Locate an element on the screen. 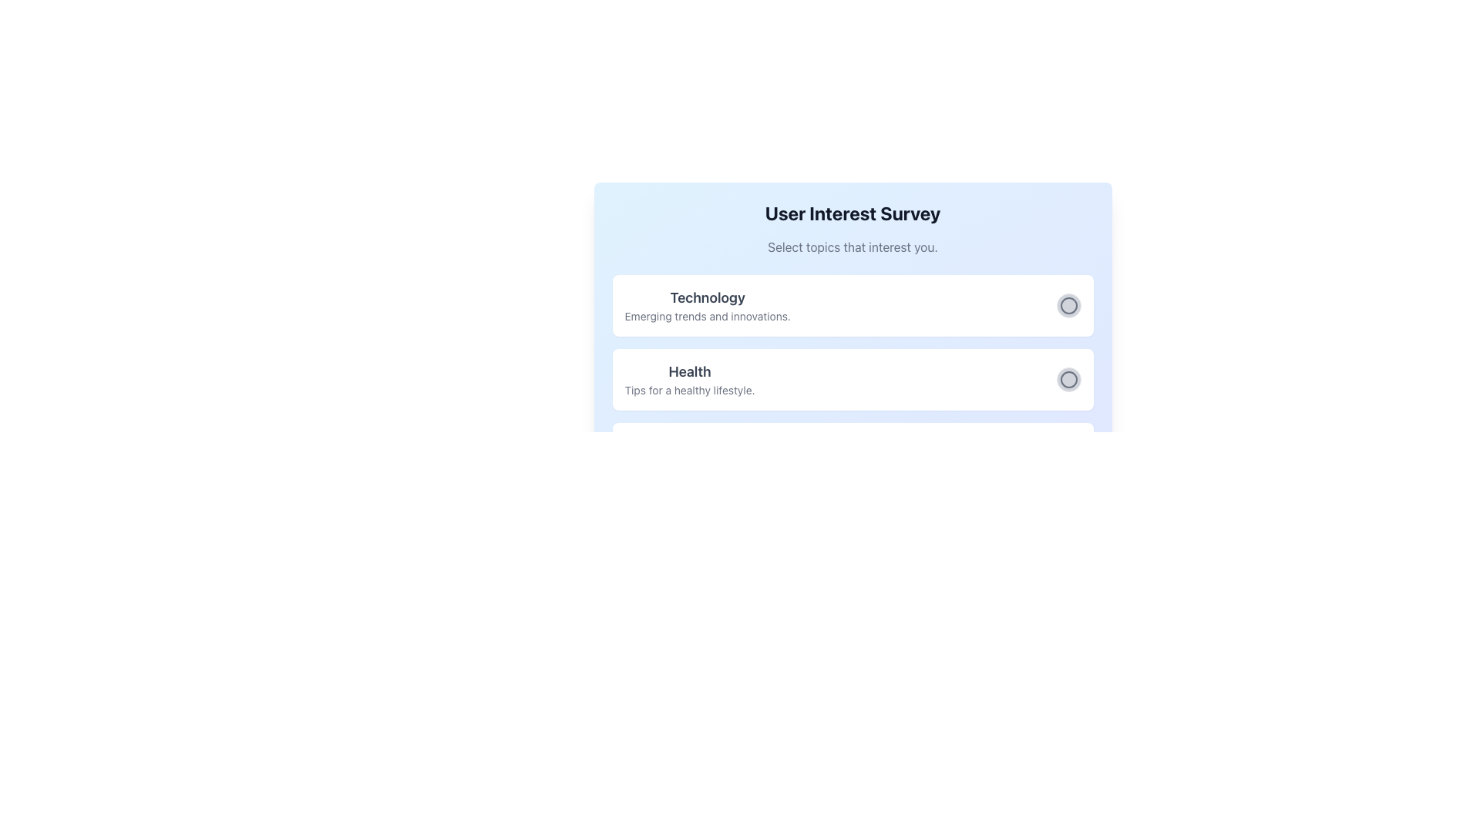 Image resolution: width=1480 pixels, height=832 pixels. the styled radio button located next to the text 'Technology' in the first list item of the vertical selection menu via keyboard navigation is located at coordinates (1068, 306).